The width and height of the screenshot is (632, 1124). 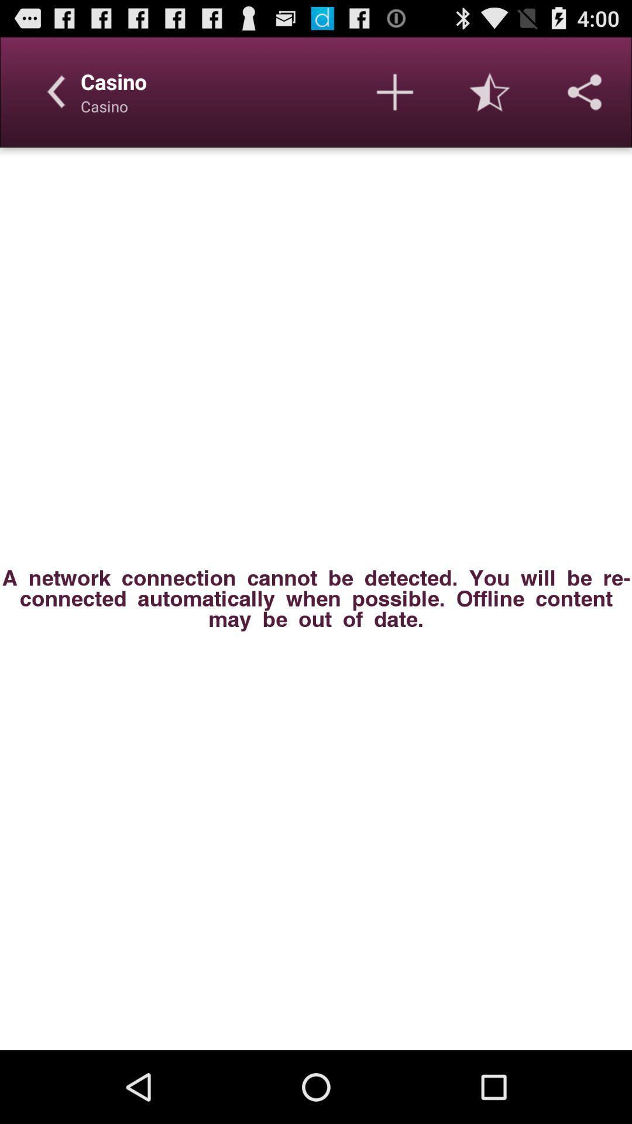 What do you see at coordinates (395, 91) in the screenshot?
I see `app next to the casino icon` at bounding box center [395, 91].